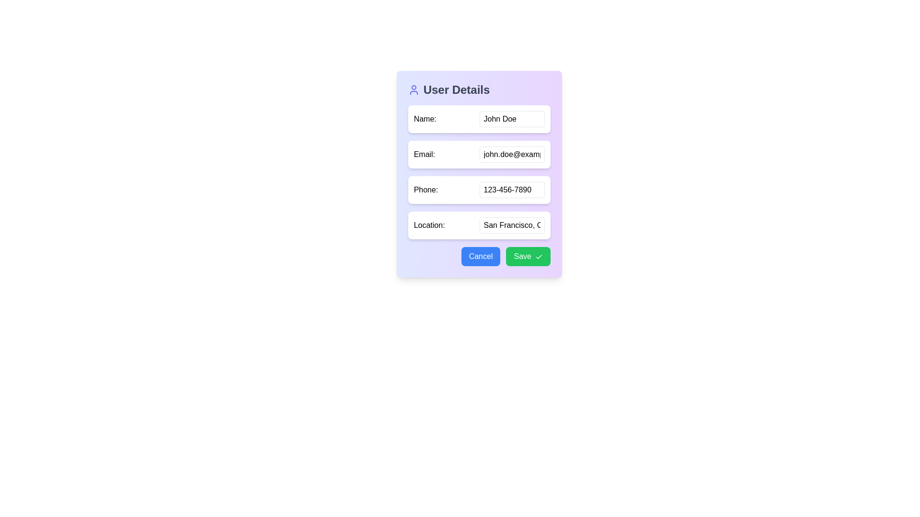 The width and height of the screenshot is (920, 517). Describe the element at coordinates (511, 225) in the screenshot. I see `the text input field for 'Location:' which contains the placeholder 'San Francisco, CA'` at that location.